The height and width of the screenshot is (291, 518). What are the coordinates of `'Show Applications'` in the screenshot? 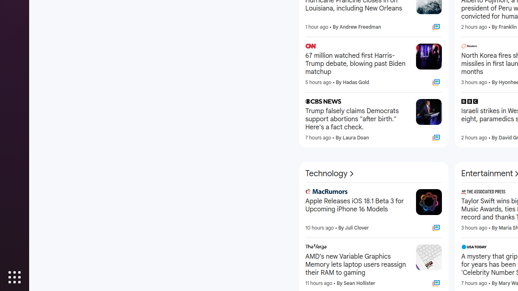 It's located at (14, 277).